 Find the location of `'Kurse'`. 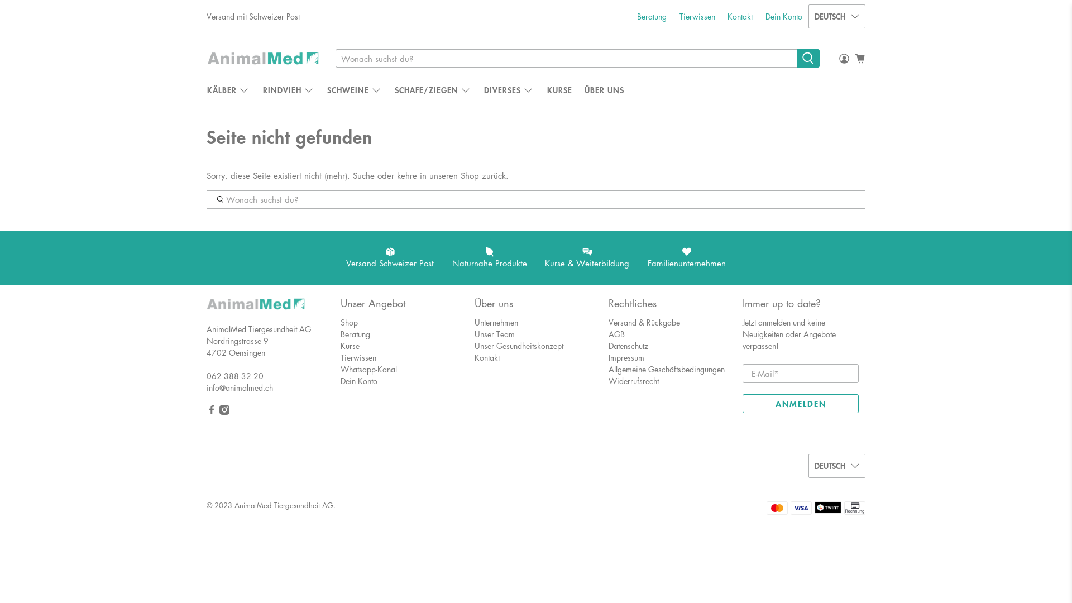

'Kurse' is located at coordinates (350, 344).